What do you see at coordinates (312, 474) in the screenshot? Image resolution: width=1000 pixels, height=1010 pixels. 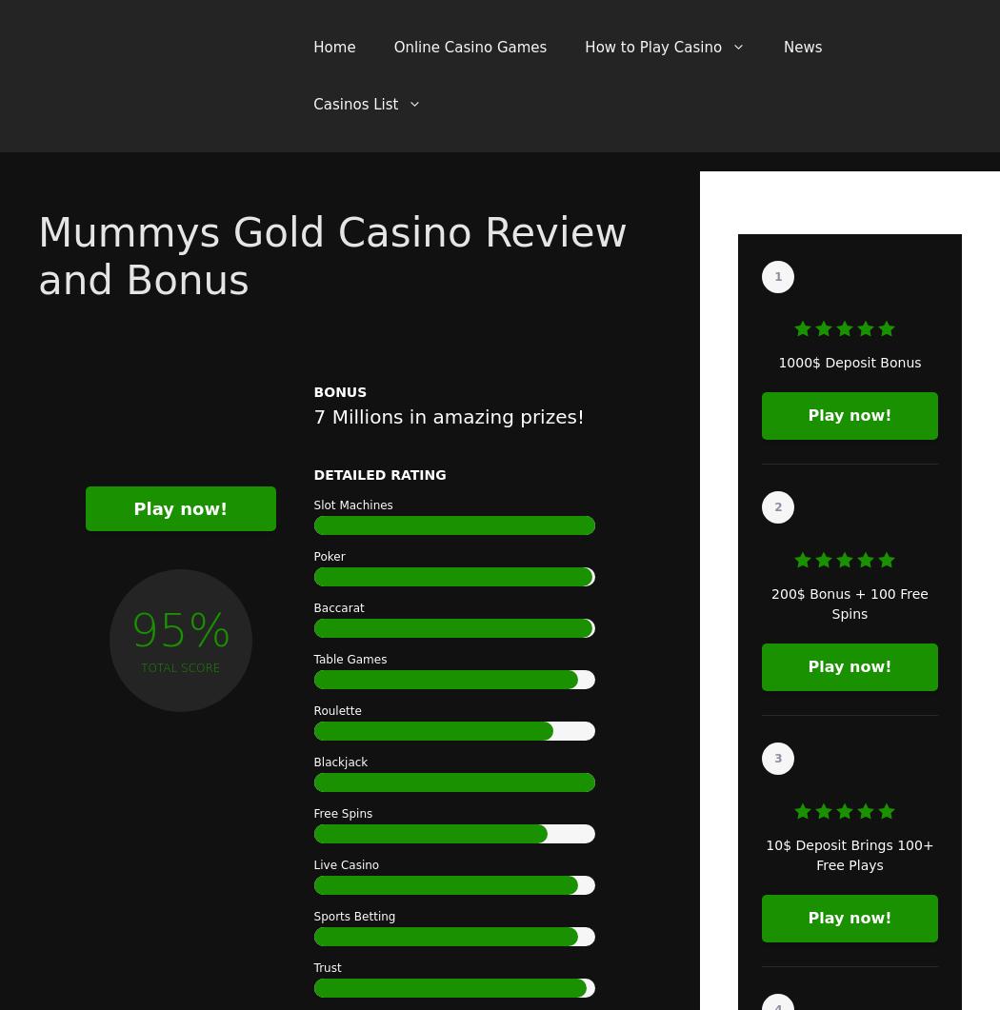 I see `'DETAILED RATING'` at bounding box center [312, 474].